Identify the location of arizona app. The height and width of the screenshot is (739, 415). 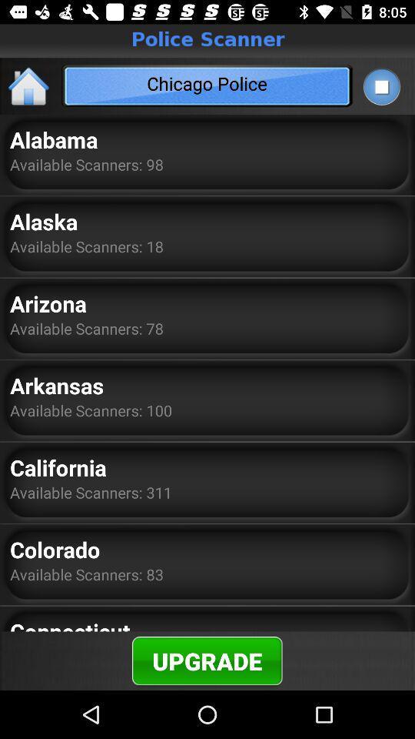
(48, 303).